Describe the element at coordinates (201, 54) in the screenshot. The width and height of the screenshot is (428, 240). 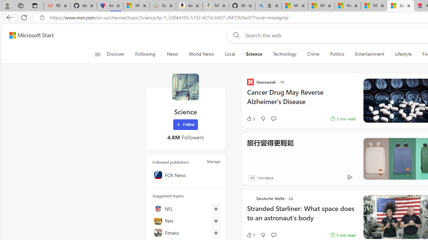
I see `'World News'` at that location.